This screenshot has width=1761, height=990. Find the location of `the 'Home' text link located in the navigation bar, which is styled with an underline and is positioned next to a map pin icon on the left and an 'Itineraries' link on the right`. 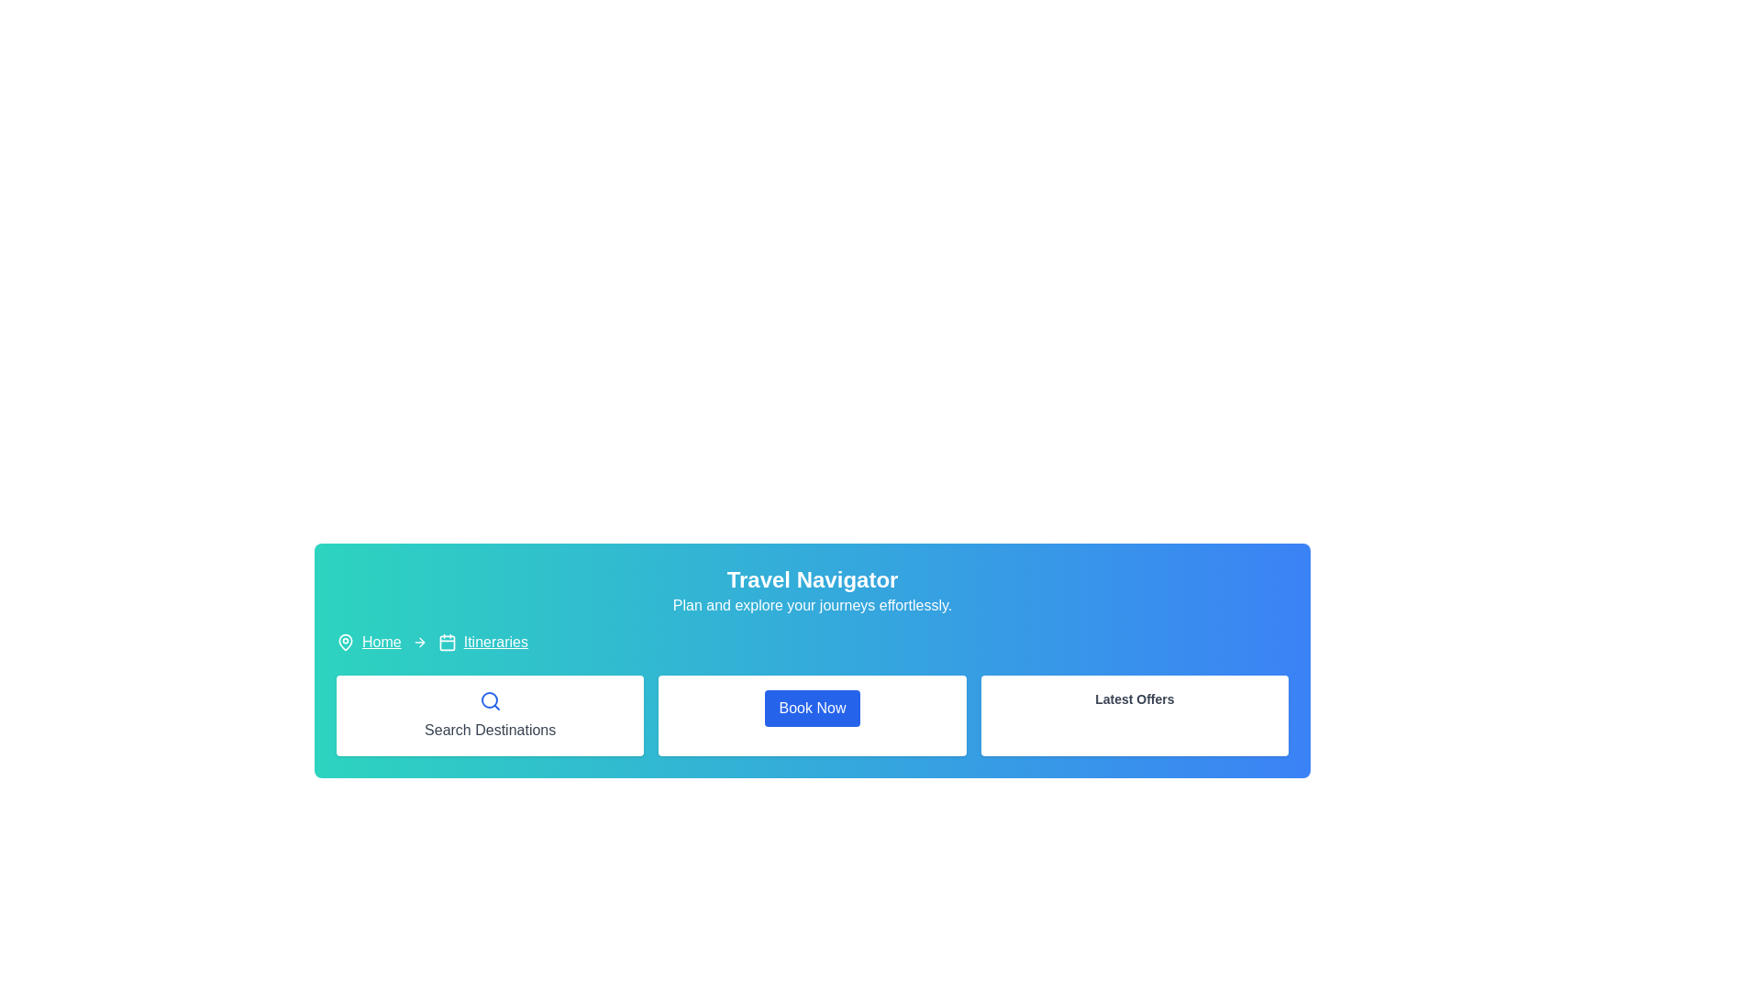

the 'Home' text link located in the navigation bar, which is styled with an underline and is positioned next to a map pin icon on the left and an 'Itineraries' link on the right is located at coordinates (381, 642).